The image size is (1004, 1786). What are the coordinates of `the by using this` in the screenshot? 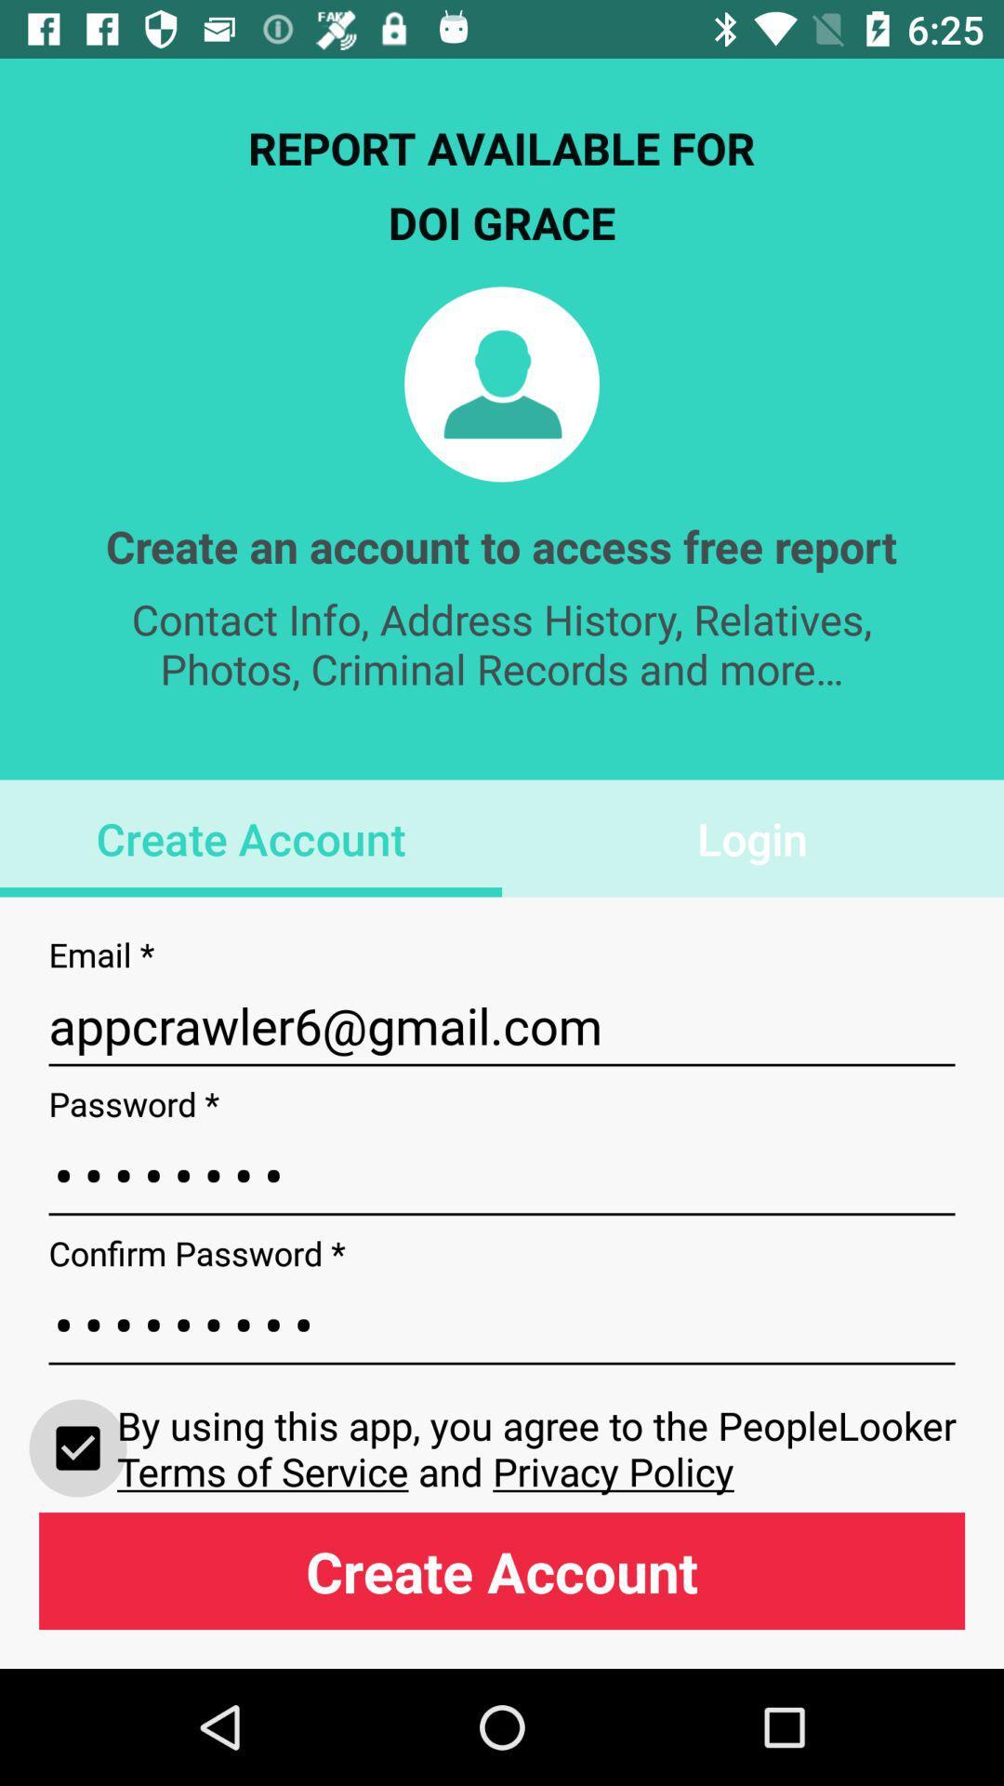 It's located at (541, 1446).